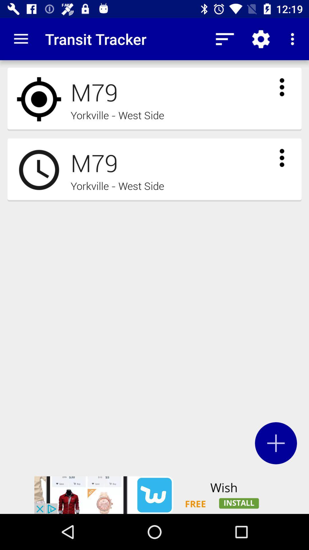 This screenshot has height=550, width=309. Describe the element at coordinates (282, 87) in the screenshot. I see `more information` at that location.